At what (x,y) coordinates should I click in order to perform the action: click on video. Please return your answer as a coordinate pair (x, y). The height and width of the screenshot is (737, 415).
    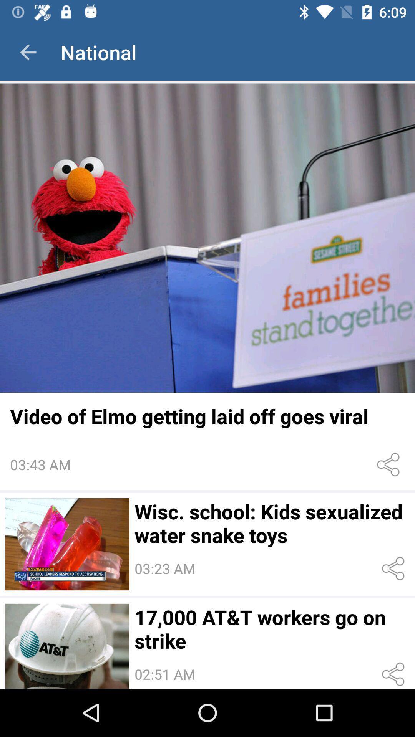
    Looking at the image, I should click on (207, 238).